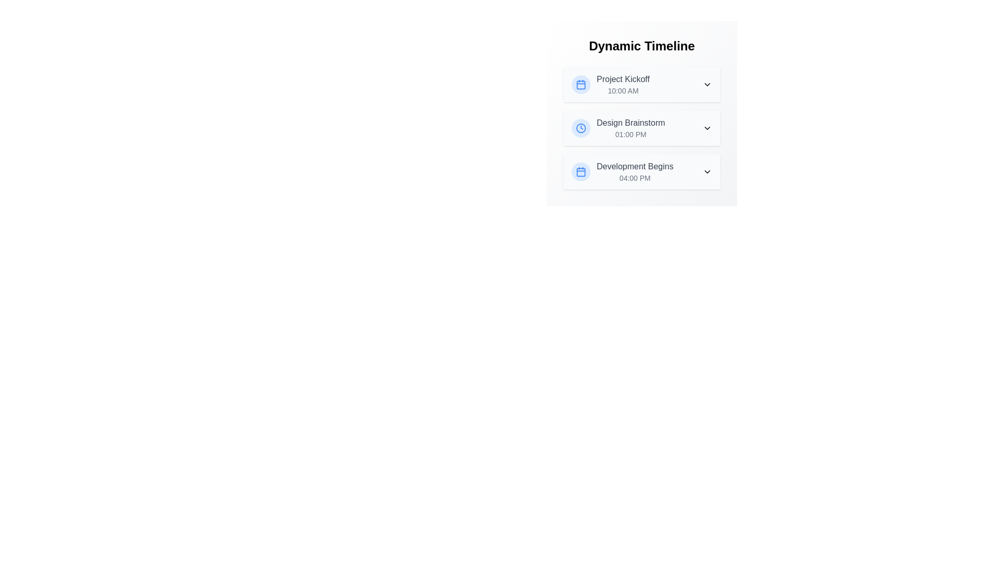  What do you see at coordinates (623, 79) in the screenshot?
I see `the title label of the first event in the timeline, which is positioned under the 'Dynamic Timeline' heading and above the time '10:00 AM'` at bounding box center [623, 79].